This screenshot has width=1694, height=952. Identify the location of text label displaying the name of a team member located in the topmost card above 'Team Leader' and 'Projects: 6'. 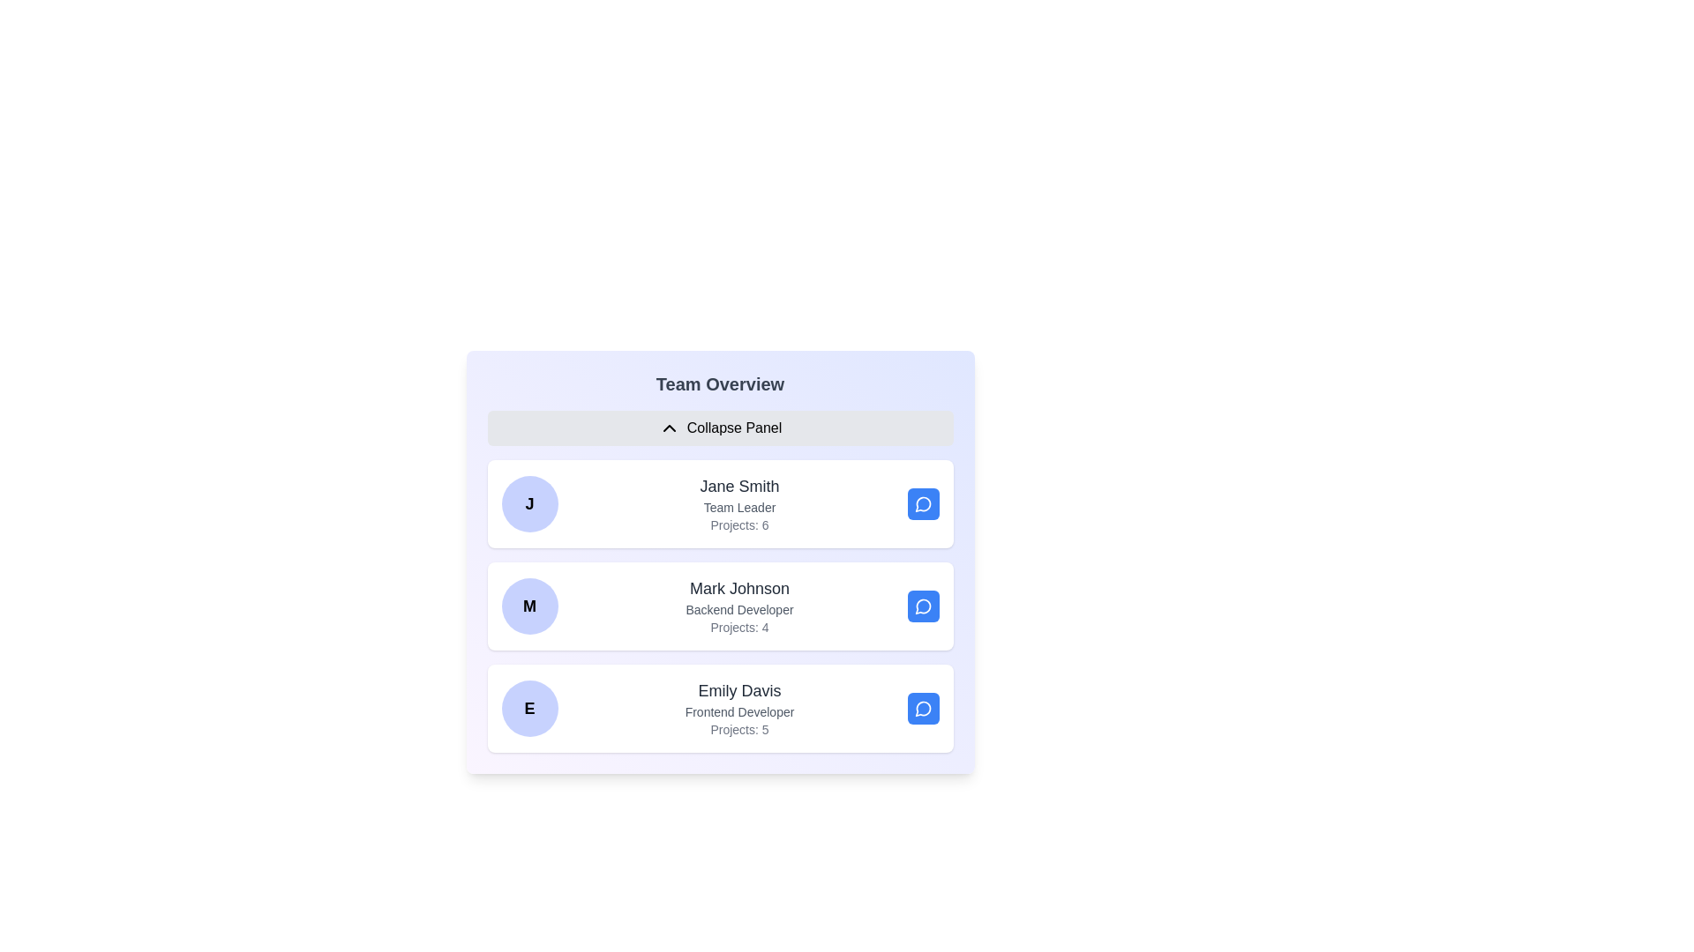
(739, 486).